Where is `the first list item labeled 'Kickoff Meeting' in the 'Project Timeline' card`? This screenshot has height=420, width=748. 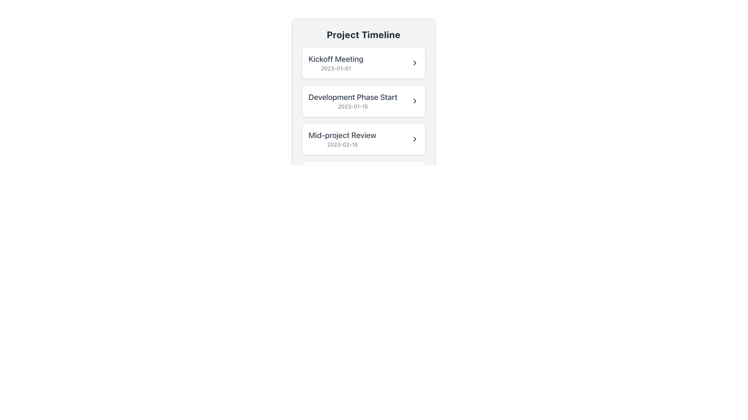
the first list item labeled 'Kickoff Meeting' in the 'Project Timeline' card is located at coordinates (363, 63).